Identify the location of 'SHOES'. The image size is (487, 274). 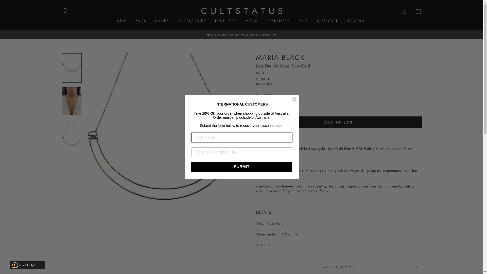
(151, 20).